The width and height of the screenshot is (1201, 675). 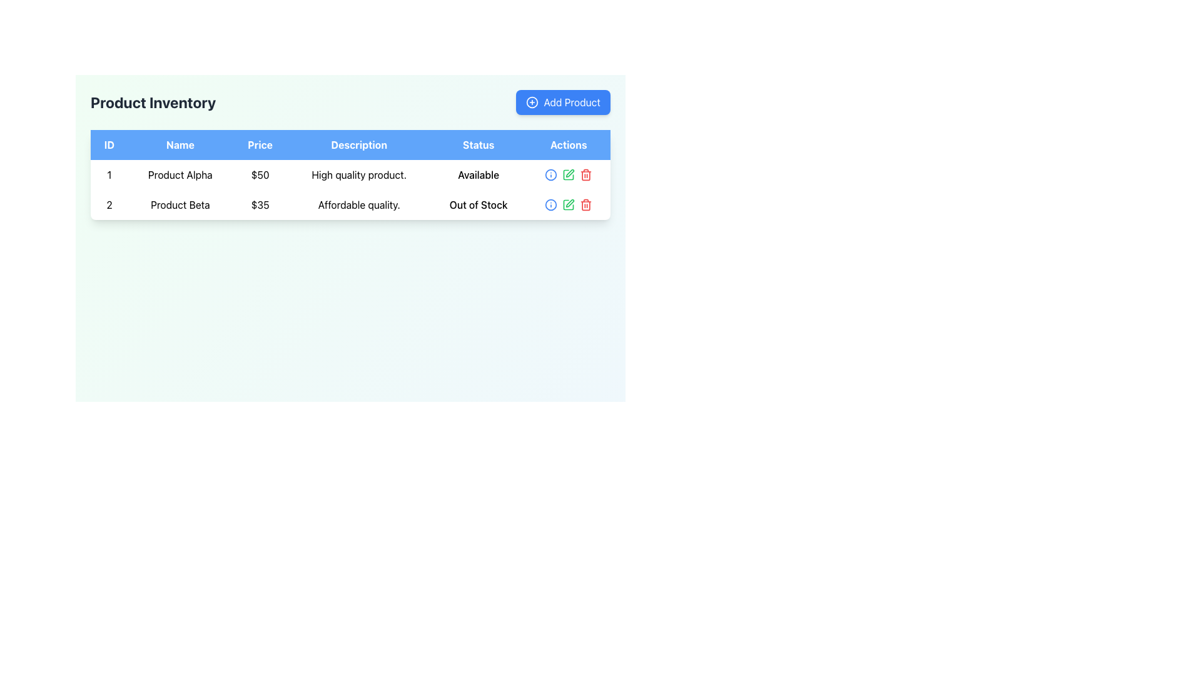 What do you see at coordinates (532, 102) in the screenshot?
I see `the addition icon located within the 'Add Product' button, positioned to the left of the text label in the top-right region of the interface` at bounding box center [532, 102].